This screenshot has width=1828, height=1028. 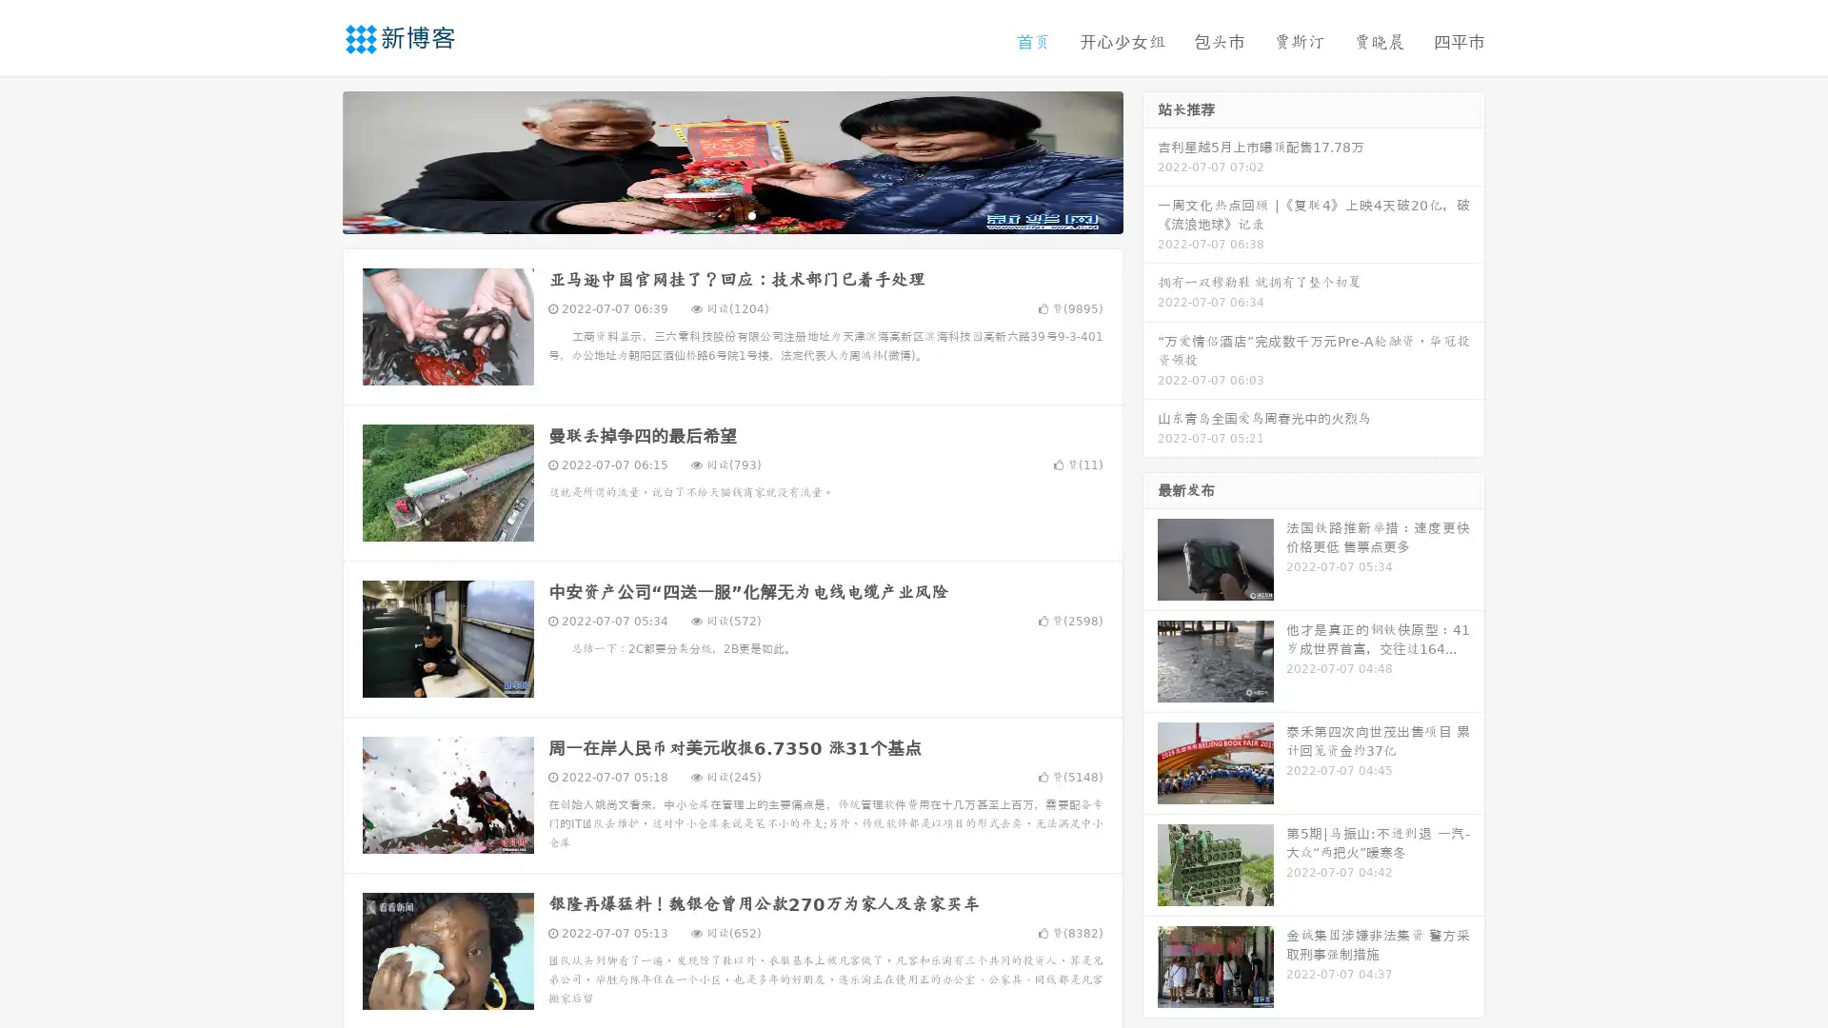 I want to click on Go to slide 1, so click(x=712, y=214).